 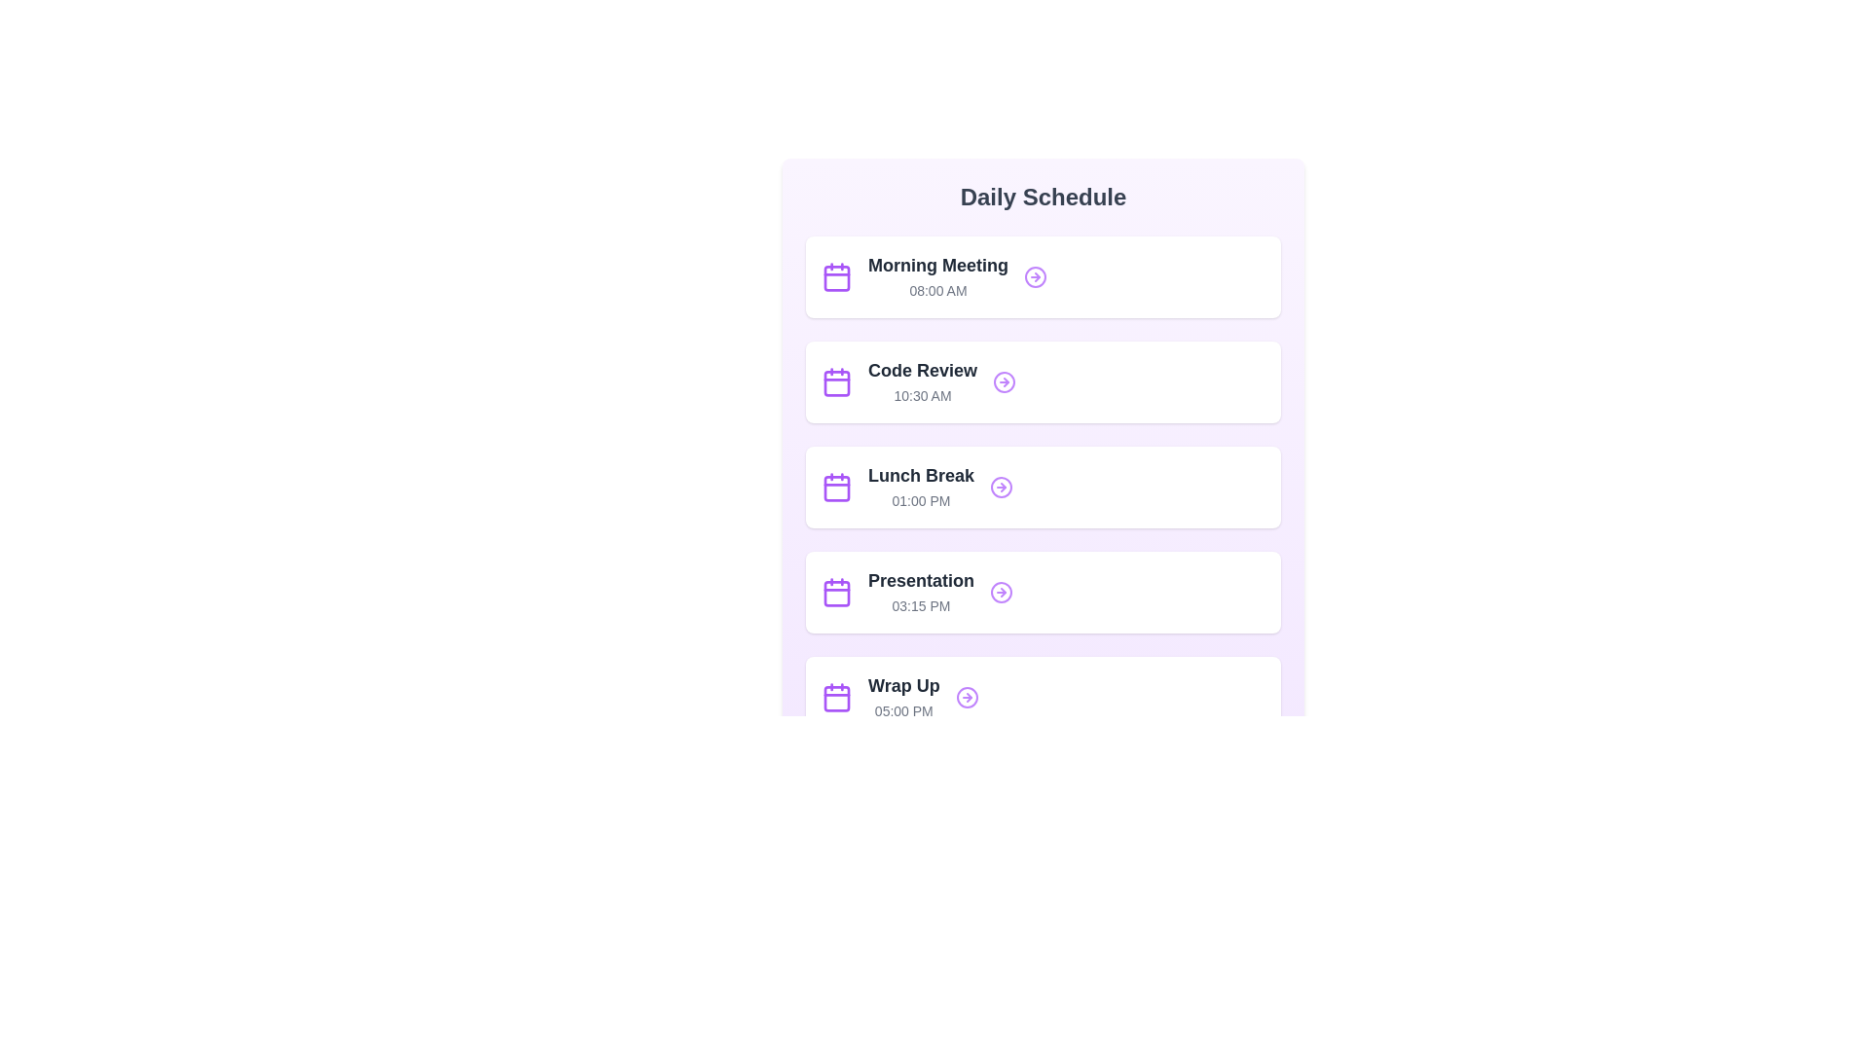 What do you see at coordinates (920, 487) in the screenshot?
I see `schedule information displayed on the Textual Content Card for the lunch break at 01:00 PM, which is the third card in the 'Daily Schedule' list` at bounding box center [920, 487].